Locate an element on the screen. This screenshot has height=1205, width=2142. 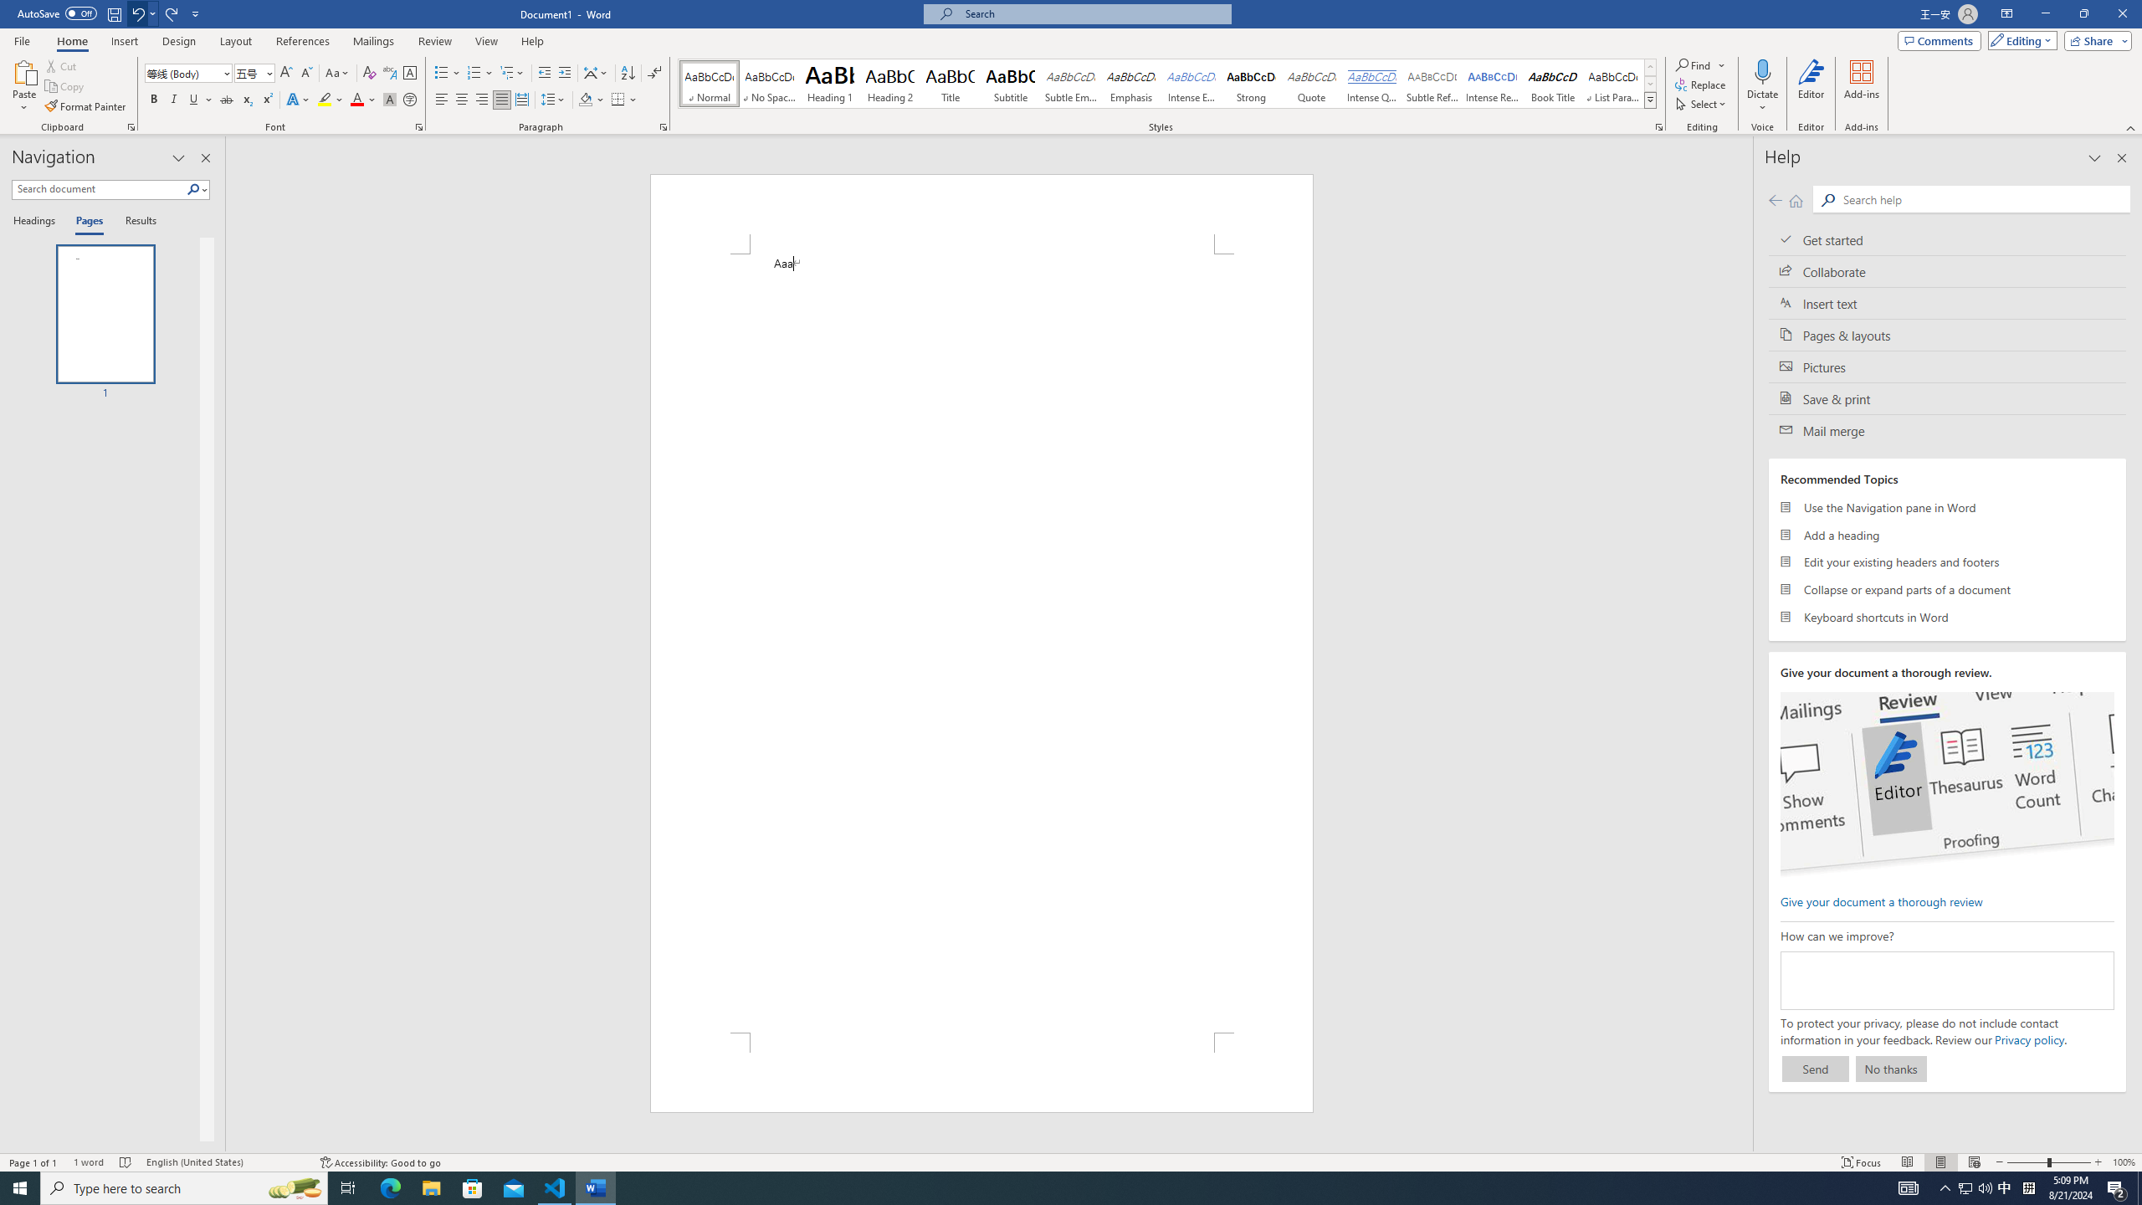
'Mail merge' is located at coordinates (1947, 429).